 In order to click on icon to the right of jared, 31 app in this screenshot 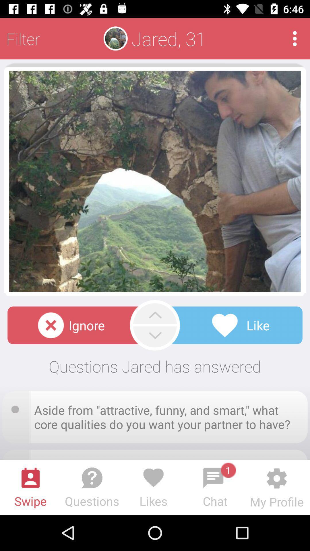, I will do `click(295, 38)`.